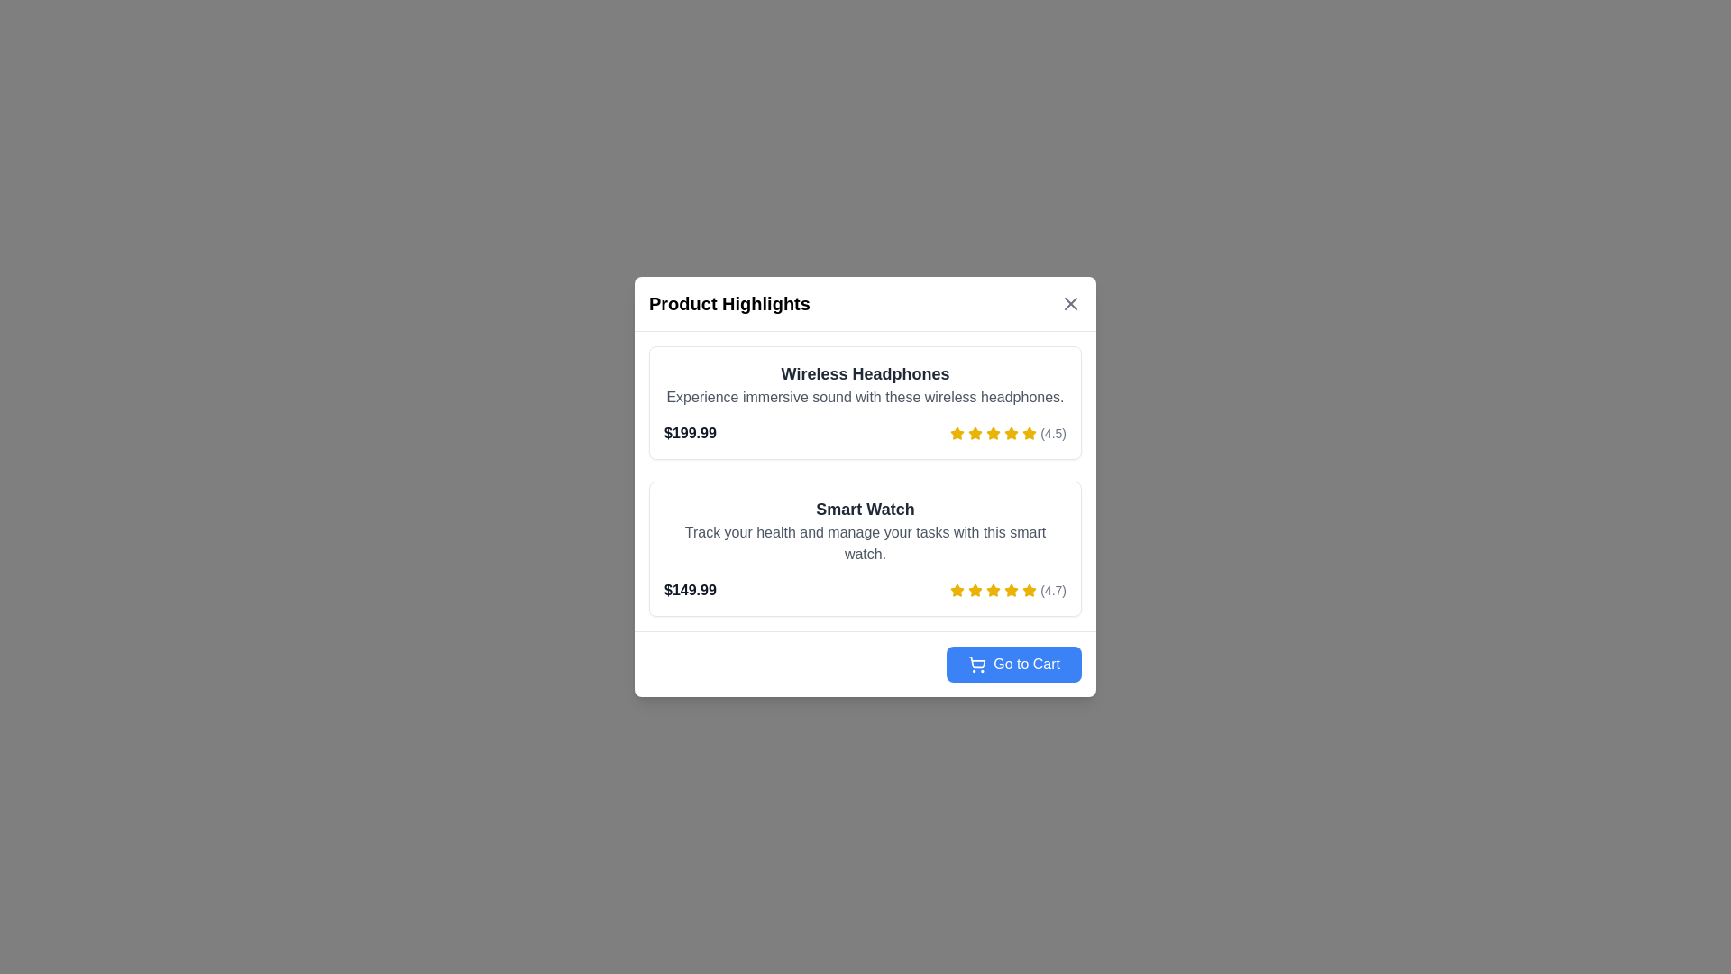  I want to click on the third star icon in the five-star rating system next to the 'Smart Watch' listing to interact with the rating system, so click(975, 591).